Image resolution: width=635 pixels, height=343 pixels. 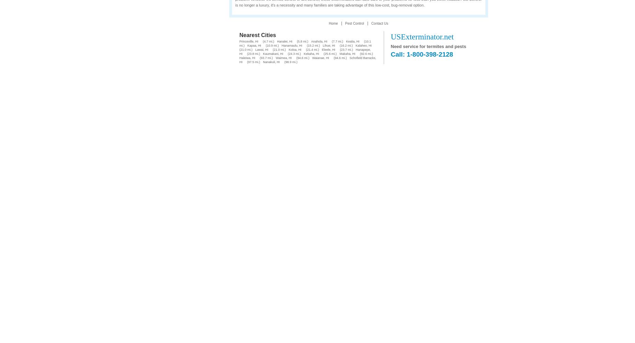 What do you see at coordinates (305, 50) in the screenshot?
I see `'(21.4 mi.)'` at bounding box center [305, 50].